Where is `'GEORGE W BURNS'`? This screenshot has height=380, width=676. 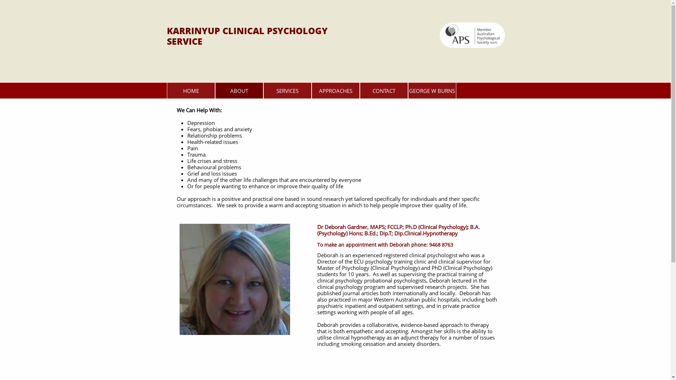 'GEORGE W BURNS' is located at coordinates (431, 90).